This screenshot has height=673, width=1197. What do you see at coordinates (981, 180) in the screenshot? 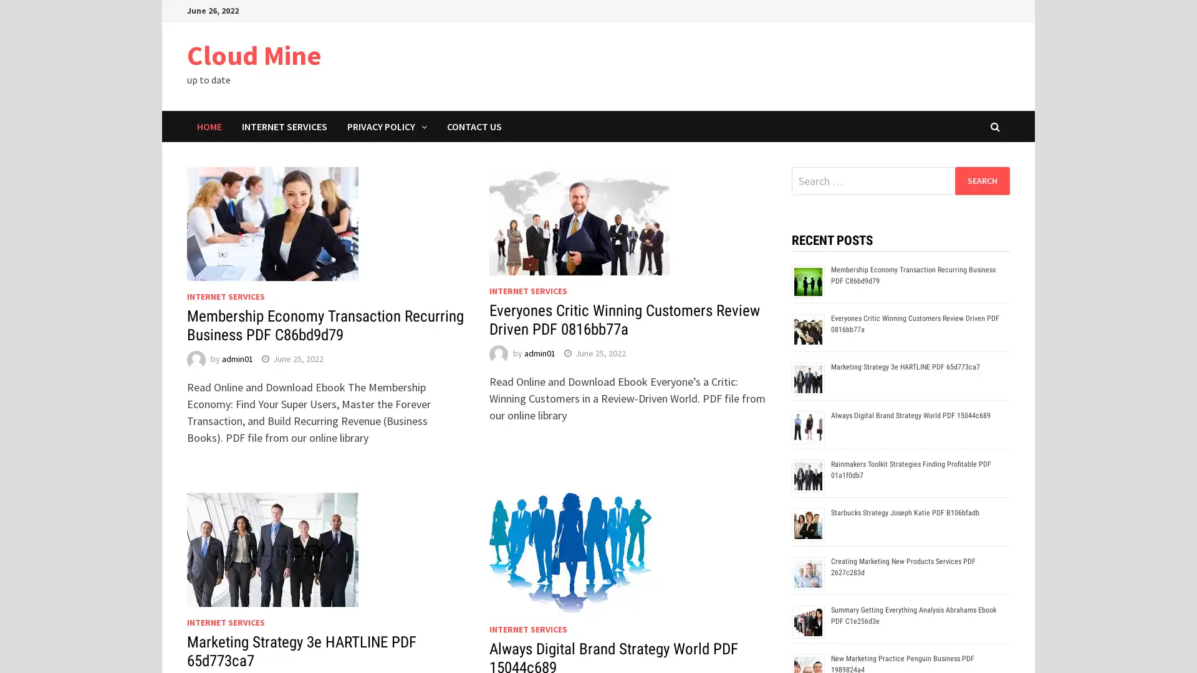
I see `Search` at bounding box center [981, 180].